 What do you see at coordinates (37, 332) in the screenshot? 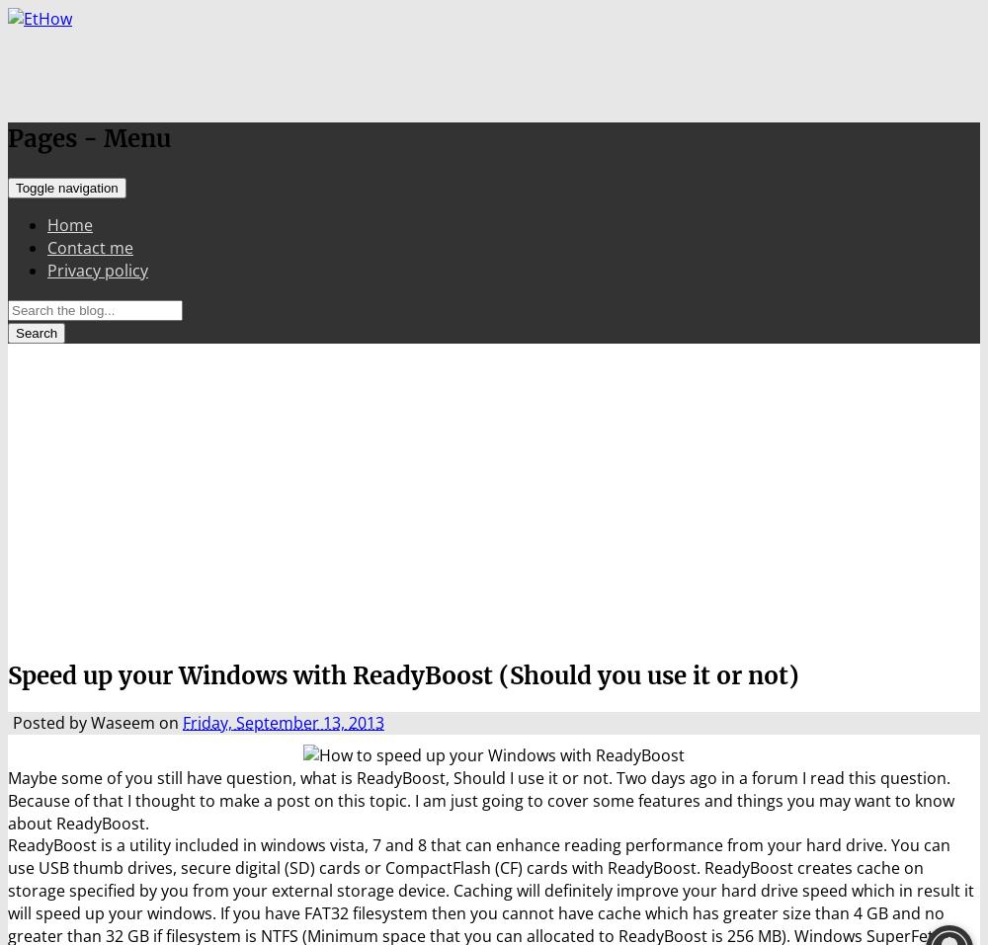
I see `'Search'` at bounding box center [37, 332].